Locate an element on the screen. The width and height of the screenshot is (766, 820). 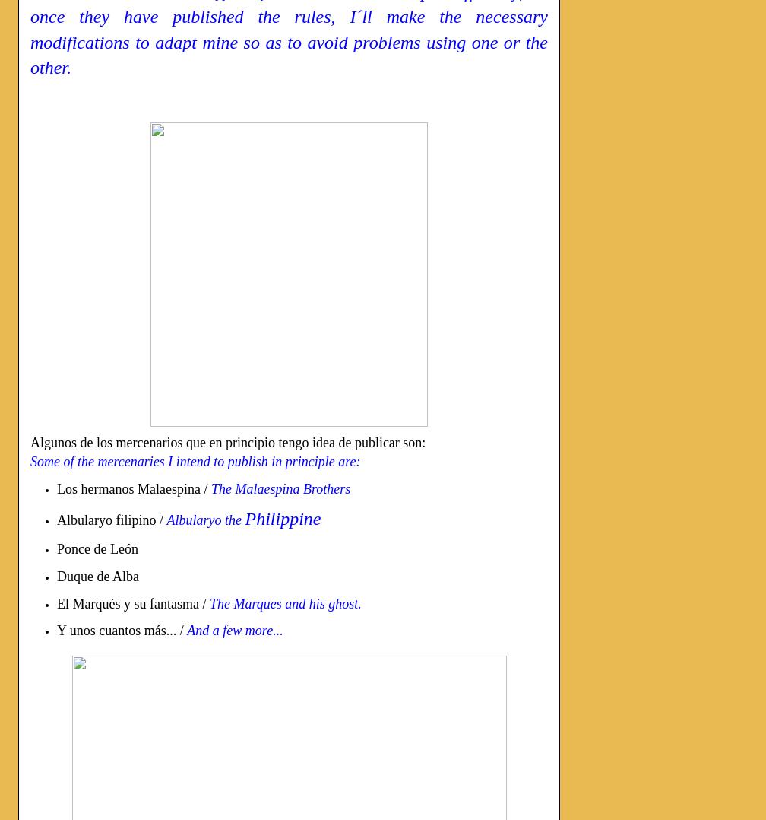
'Some of the mercenaries I intend to publish in principle are:' is located at coordinates (30, 461).